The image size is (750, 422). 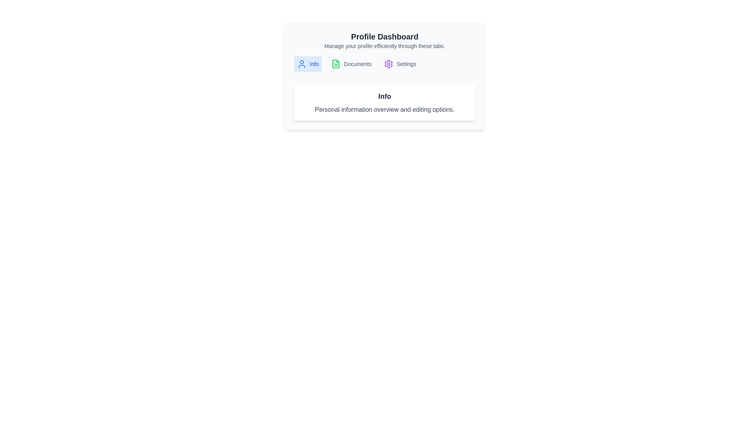 What do you see at coordinates (307, 64) in the screenshot?
I see `the Info tab to view its content` at bounding box center [307, 64].